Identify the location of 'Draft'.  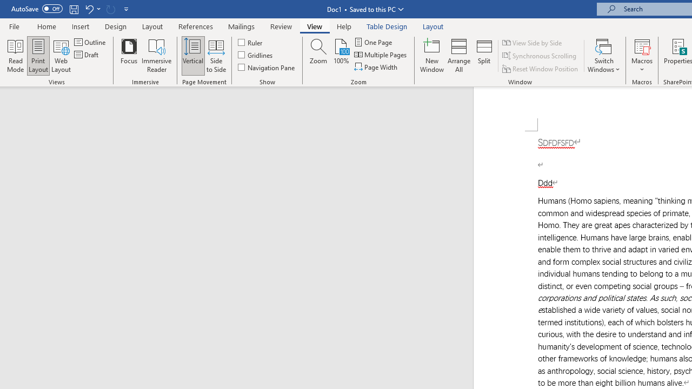
(87, 55).